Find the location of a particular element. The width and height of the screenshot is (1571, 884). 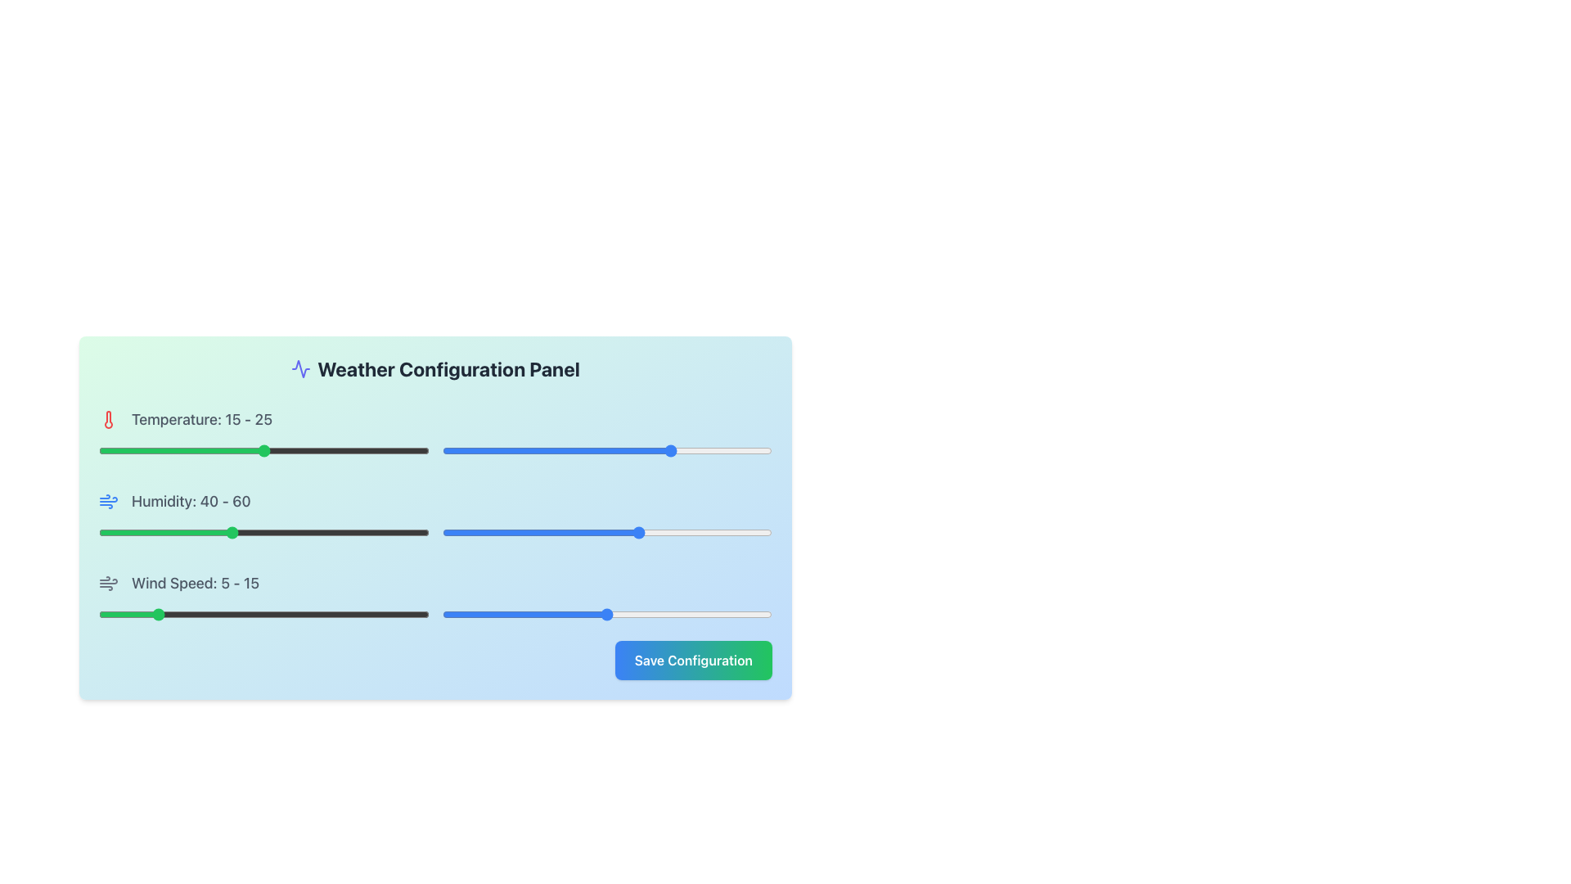

value of the slider is located at coordinates (679, 451).